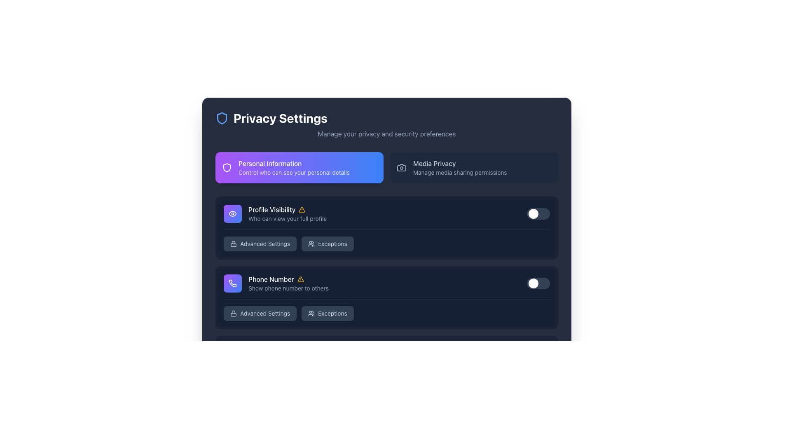  I want to click on the toggle switch in the settings card, so click(386, 228).